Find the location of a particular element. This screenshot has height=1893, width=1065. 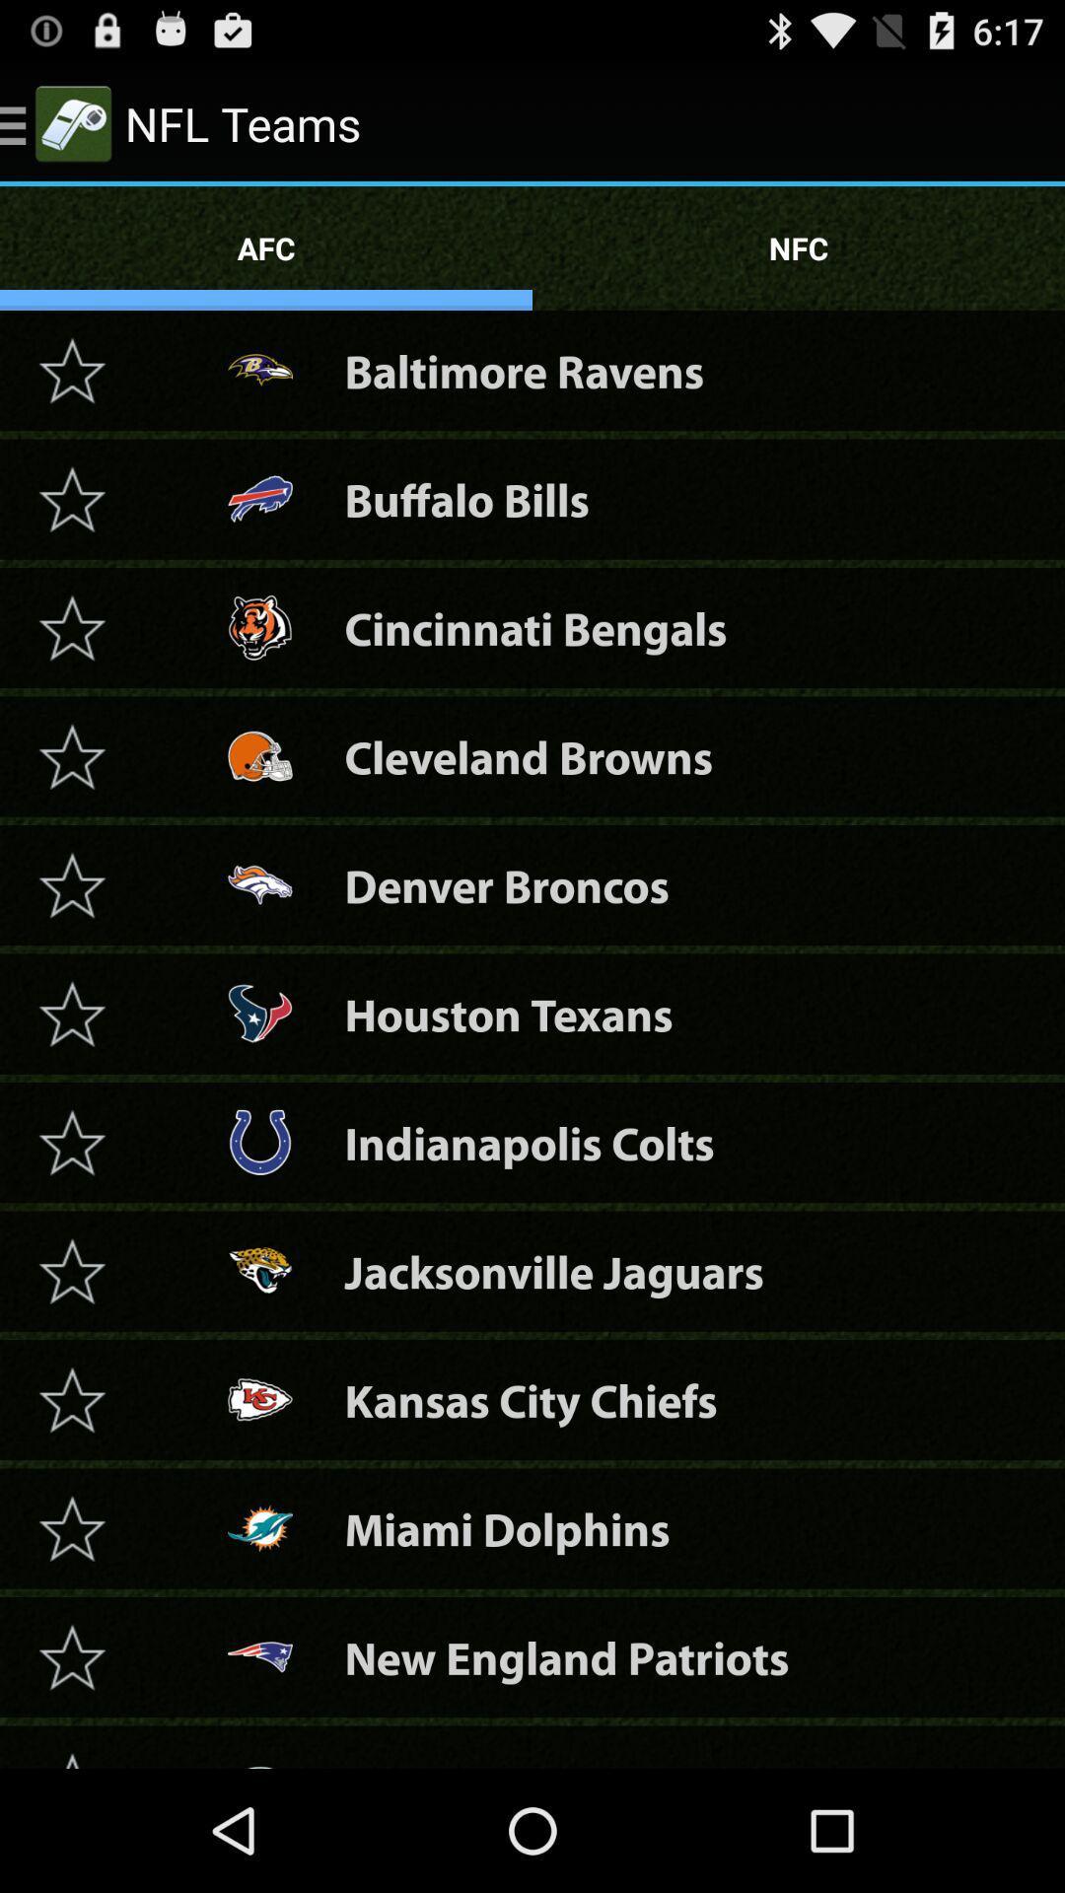

the item below miami dolphins is located at coordinates (566, 1656).